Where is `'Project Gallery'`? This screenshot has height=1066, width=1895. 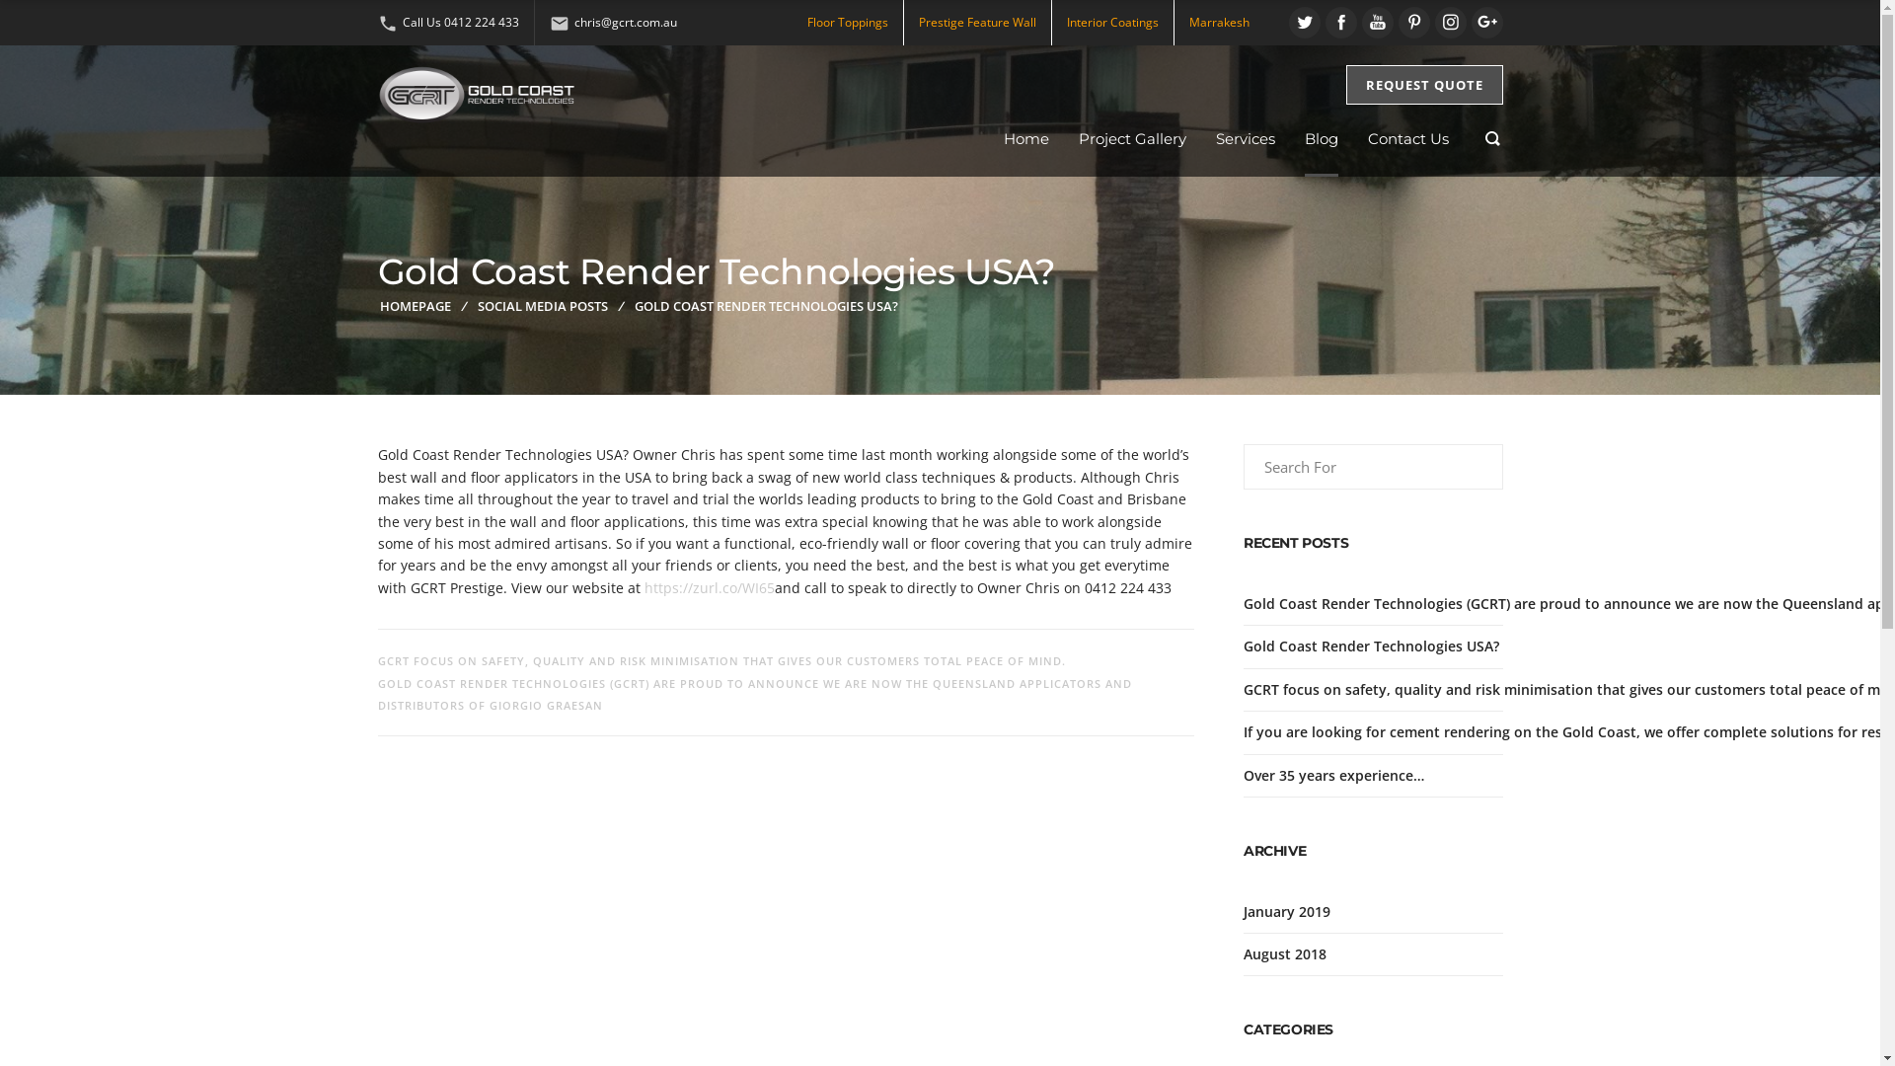 'Project Gallery' is located at coordinates (1131, 139).